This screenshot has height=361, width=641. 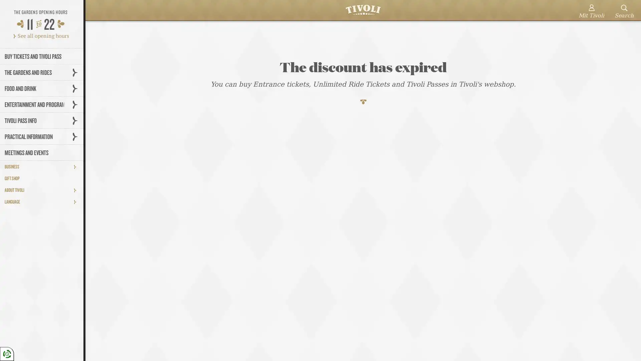 I want to click on Search, so click(x=624, y=12).